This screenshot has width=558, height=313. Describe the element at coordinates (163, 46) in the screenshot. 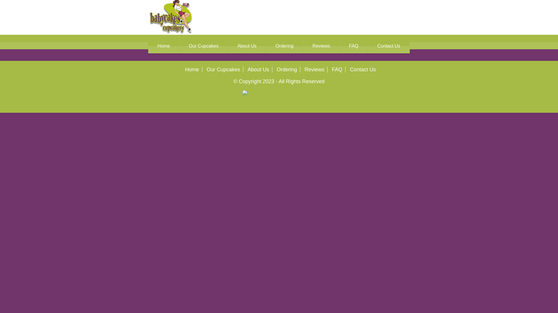

I see `'Home'` at that location.